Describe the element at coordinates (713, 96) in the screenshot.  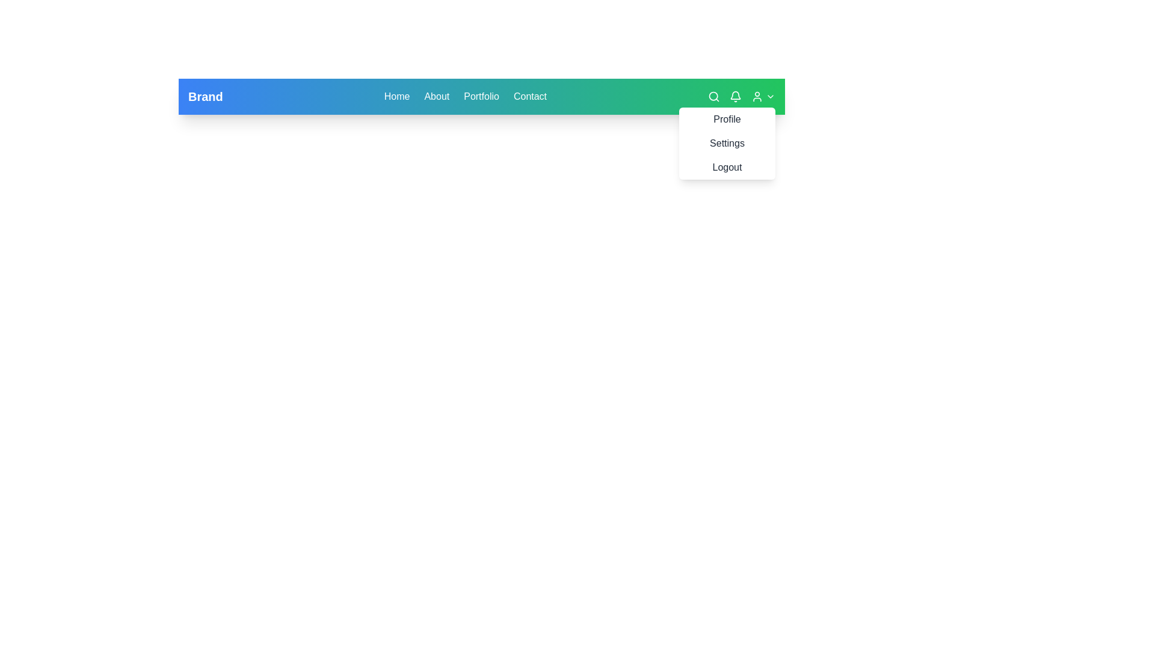
I see `the circular search icon resembling a magnifying glass located in the toolbar at the top of the interface to initiate a search` at that location.